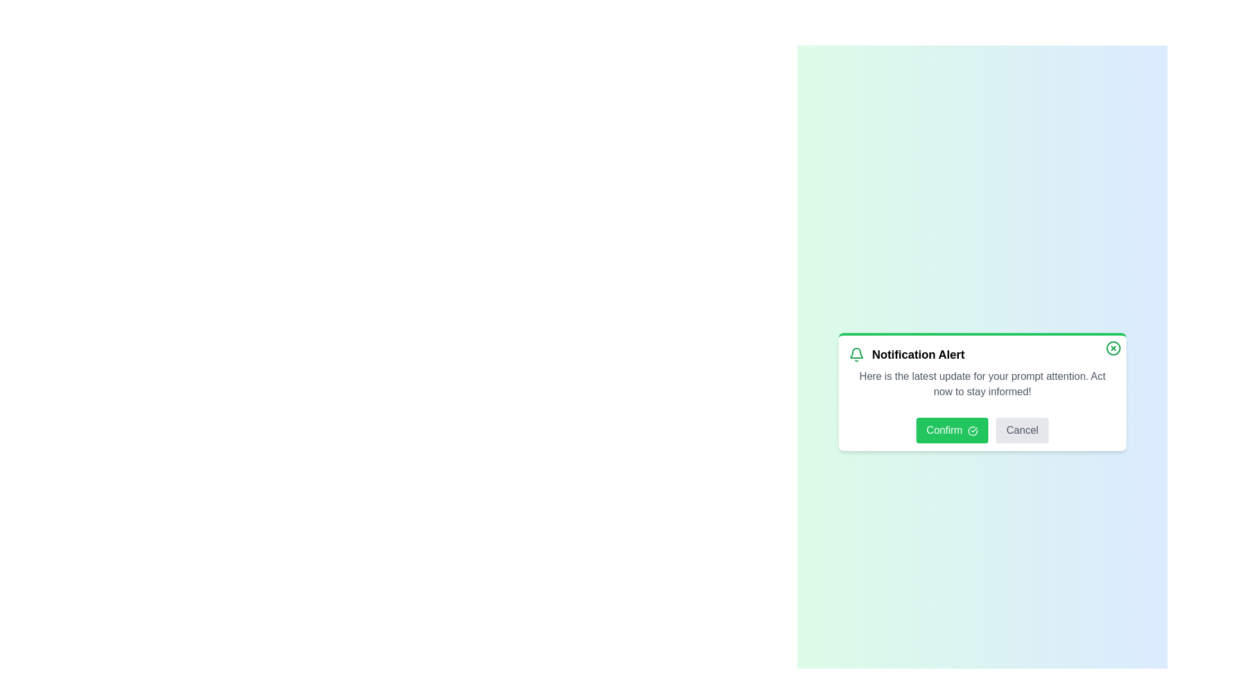  What do you see at coordinates (952, 431) in the screenshot?
I see `Confirm button to acknowledge the notification` at bounding box center [952, 431].